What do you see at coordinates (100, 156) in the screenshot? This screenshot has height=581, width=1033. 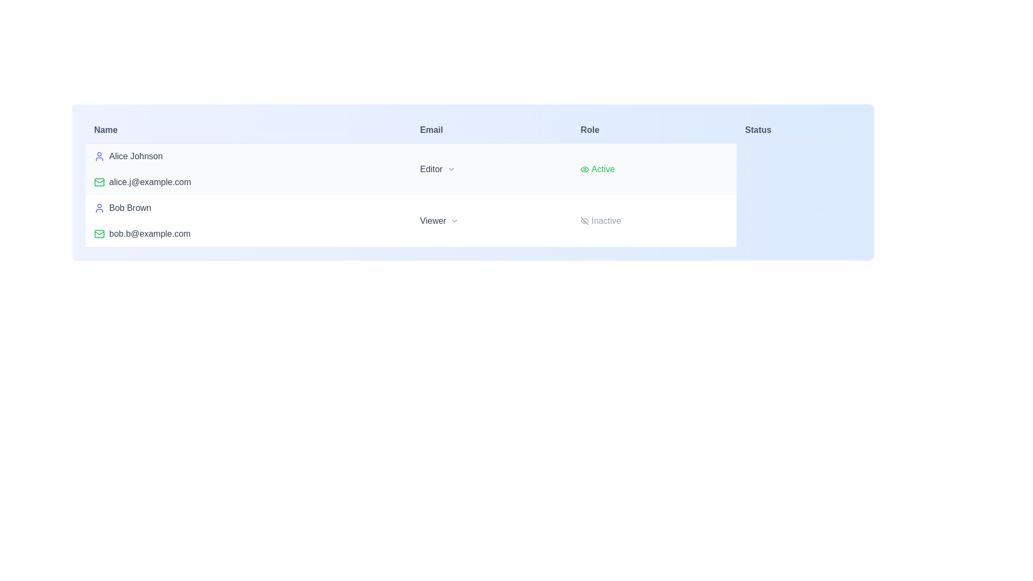 I see `the user profile icon resembling a circular head and body outline, styled in blue, located next to the name 'Alice Johnson' in the user details row` at bounding box center [100, 156].